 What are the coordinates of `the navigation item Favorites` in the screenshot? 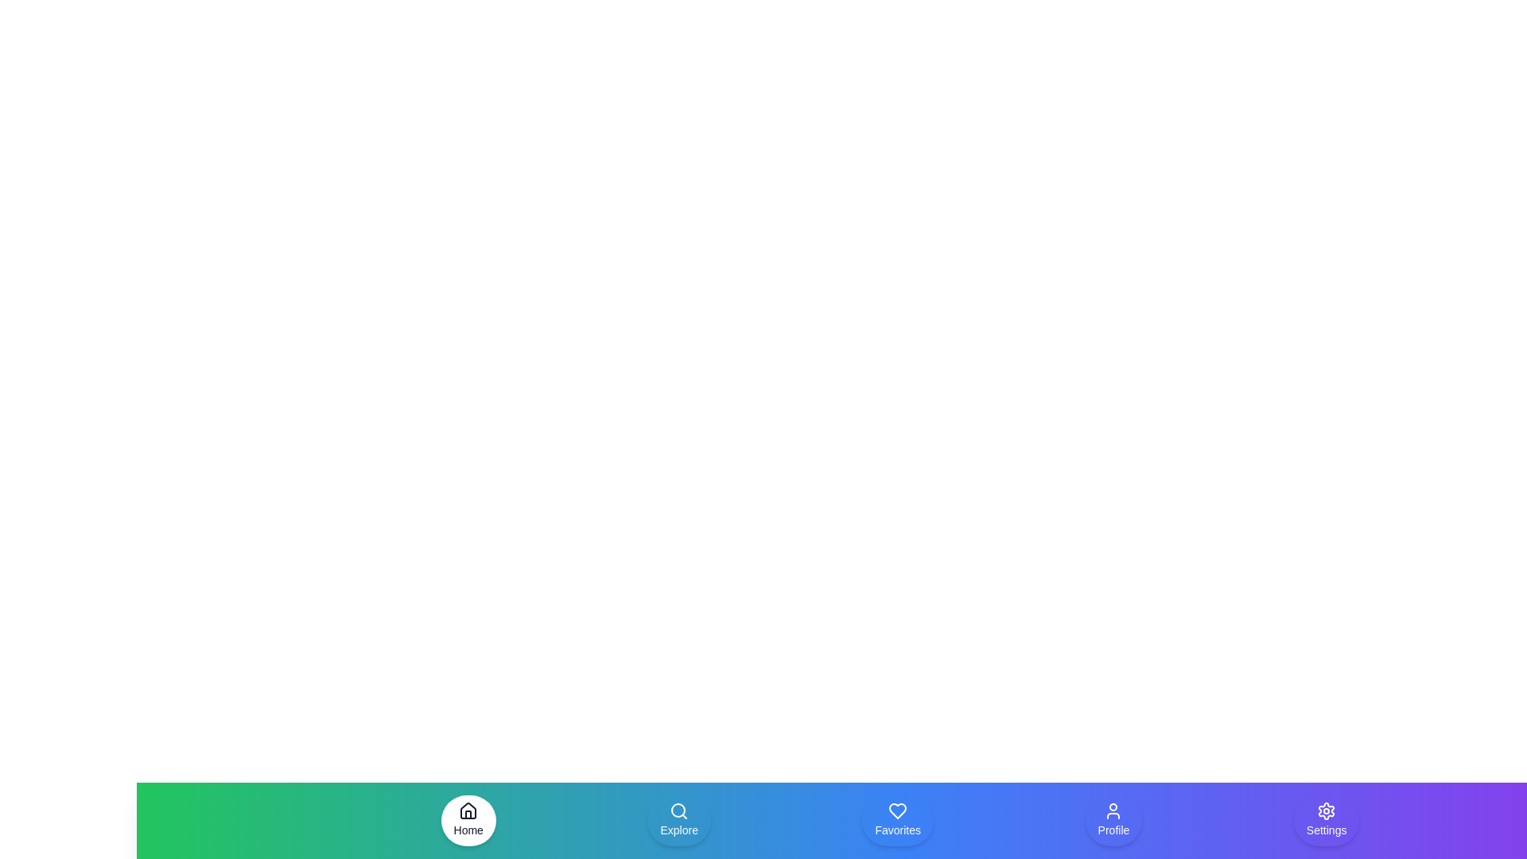 It's located at (898, 821).